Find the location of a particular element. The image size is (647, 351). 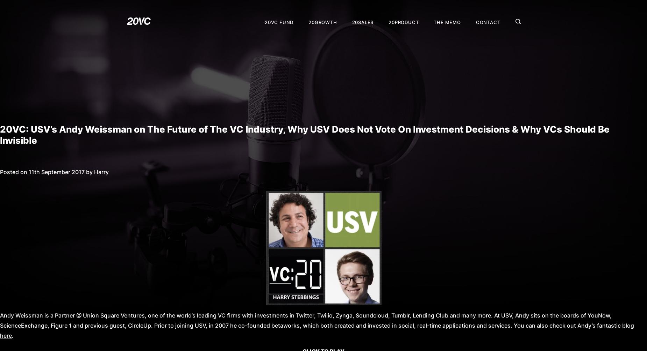

'Andy Weissman' is located at coordinates (0, 315).